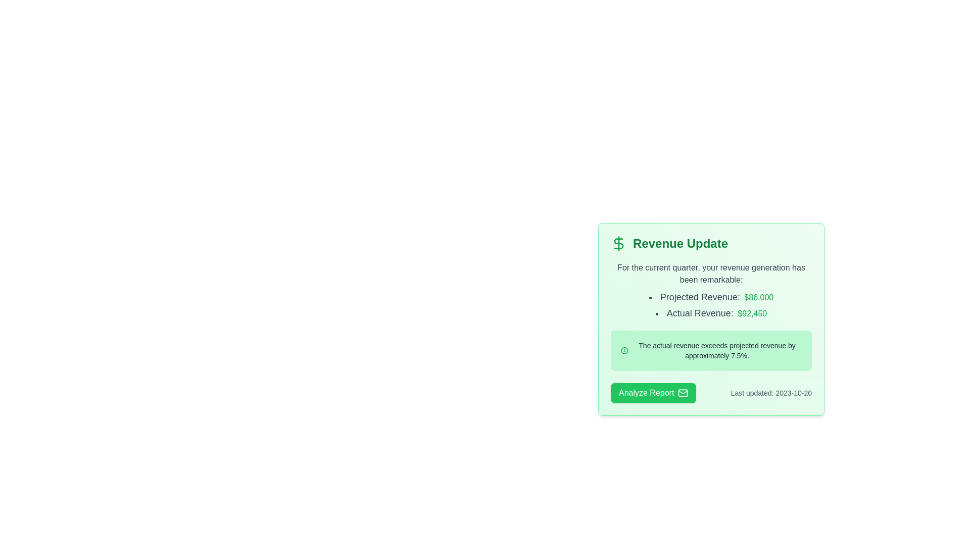 Image resolution: width=970 pixels, height=545 pixels. Describe the element at coordinates (710, 274) in the screenshot. I see `the text block displaying the sentence 'For the current quarter, your revenue generation has been remarkable:' which is styled in medium-dark gray on a light green background` at that location.